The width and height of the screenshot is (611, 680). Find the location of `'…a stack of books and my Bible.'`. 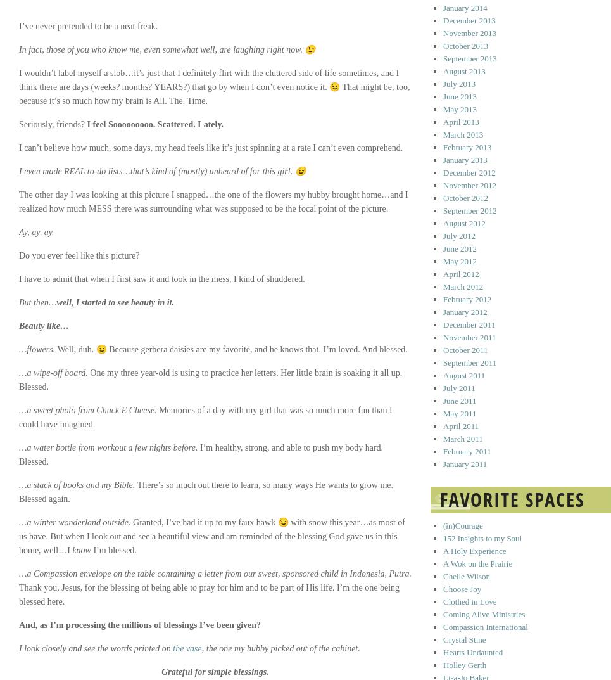

'…a stack of books and my Bible.' is located at coordinates (78, 484).